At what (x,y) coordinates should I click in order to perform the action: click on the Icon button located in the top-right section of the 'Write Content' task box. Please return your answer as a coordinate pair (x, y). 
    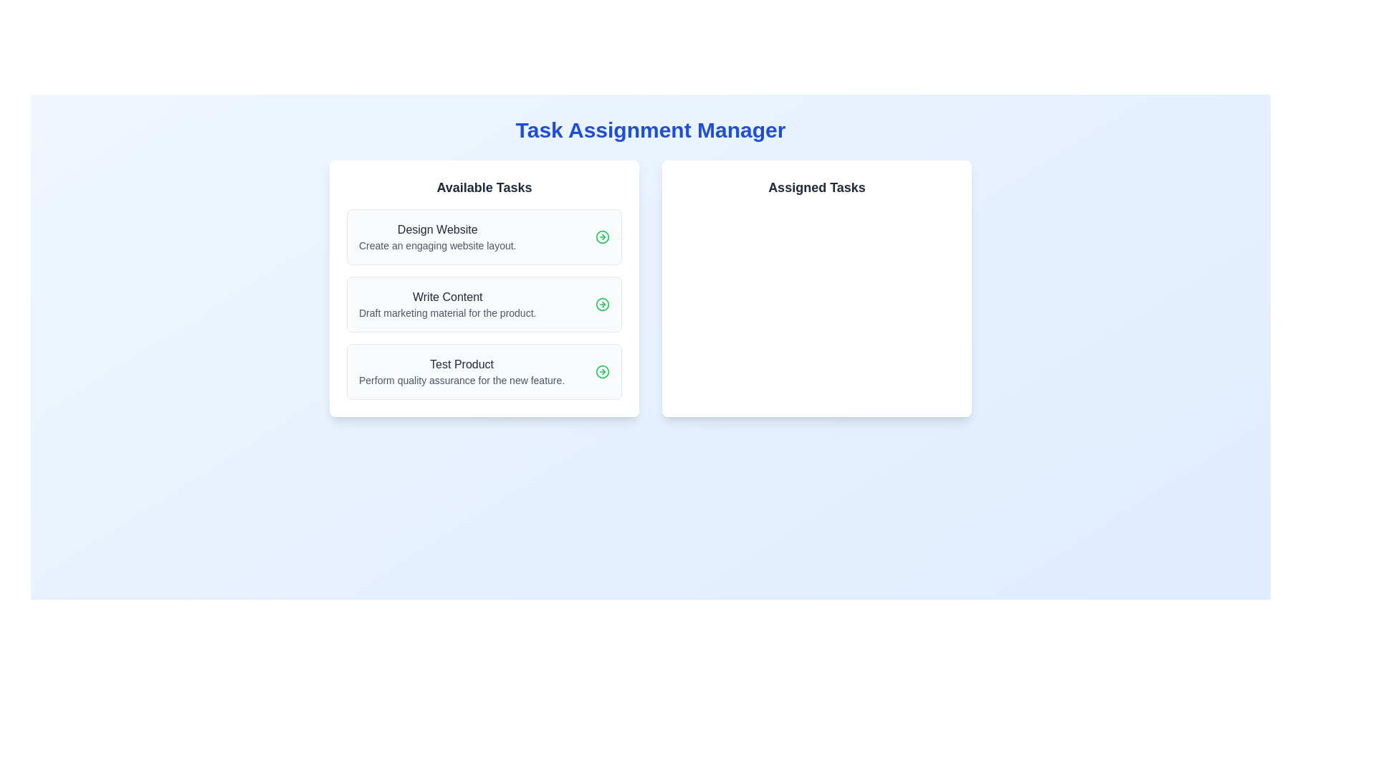
    Looking at the image, I should click on (602, 303).